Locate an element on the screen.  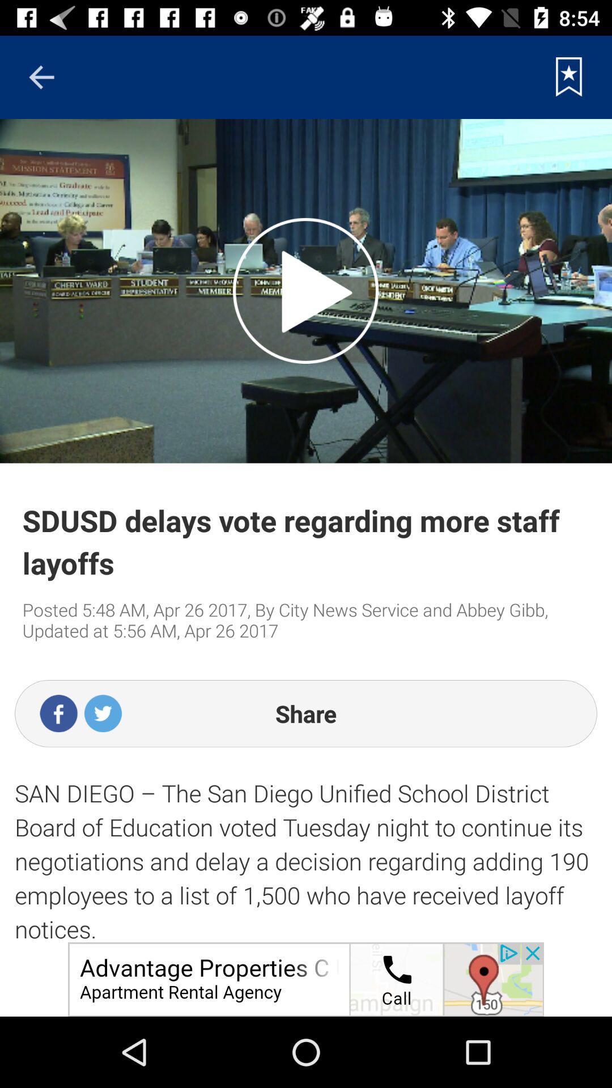
play is located at coordinates (305, 291).